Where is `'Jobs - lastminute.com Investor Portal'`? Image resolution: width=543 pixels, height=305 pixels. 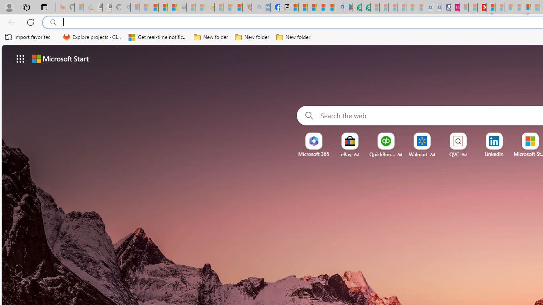
'Jobs - lastminute.com Investor Portal' is located at coordinates (454, 7).